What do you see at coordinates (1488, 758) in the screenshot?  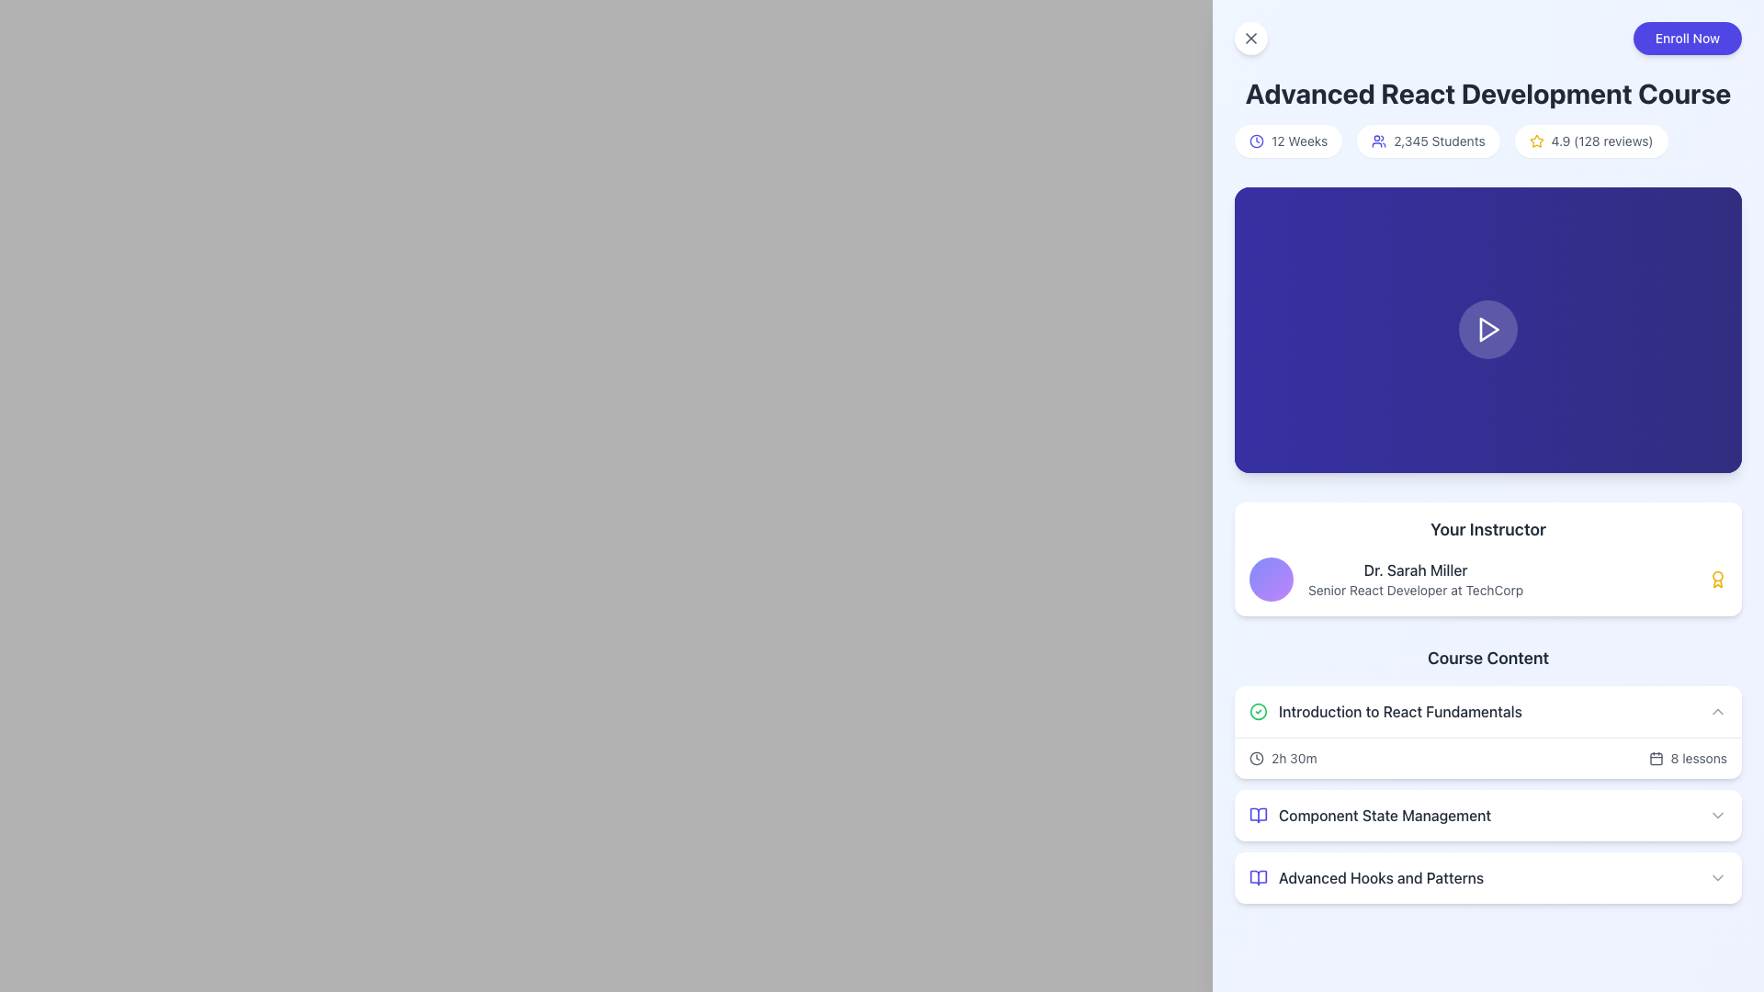 I see `information displayed in the Information Display section that shows course duration and lesson count, located under the 'Introduction to React Fundamentals' item` at bounding box center [1488, 758].